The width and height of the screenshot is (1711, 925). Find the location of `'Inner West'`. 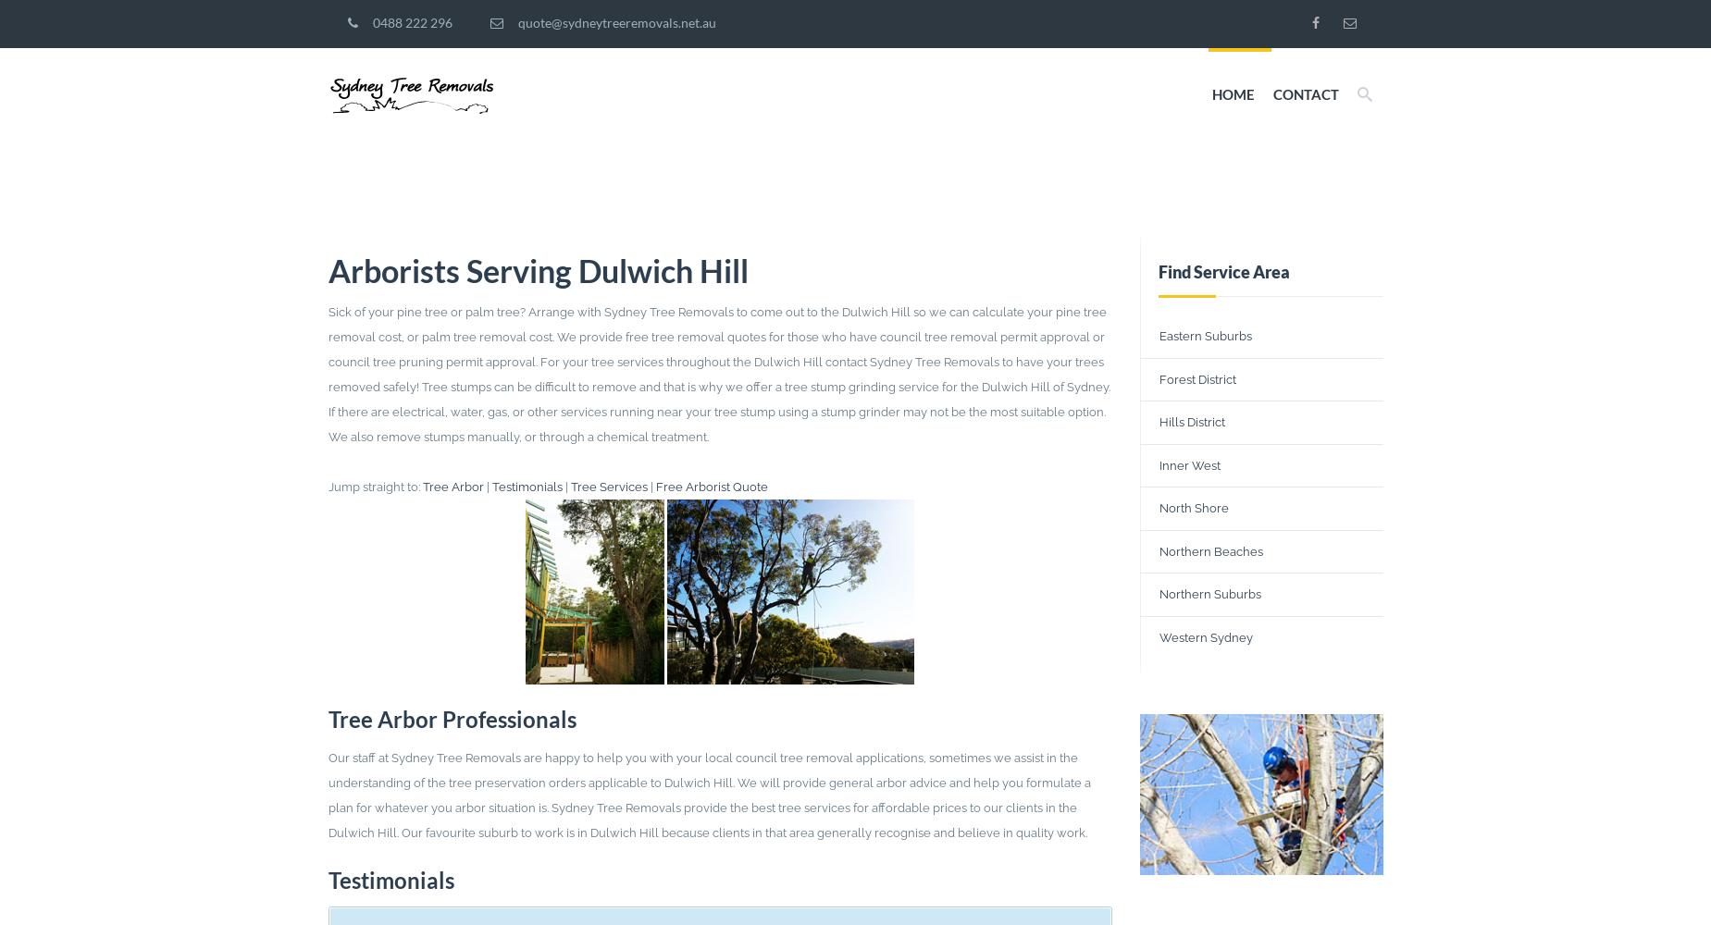

'Inner West' is located at coordinates (1189, 464).